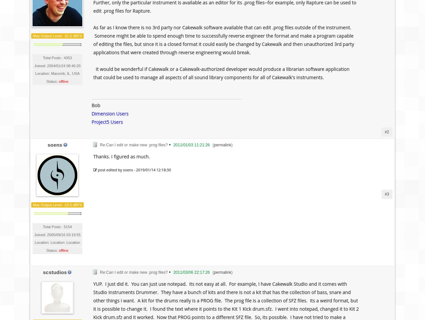  Describe the element at coordinates (54, 145) in the screenshot. I see `'soens'` at that location.